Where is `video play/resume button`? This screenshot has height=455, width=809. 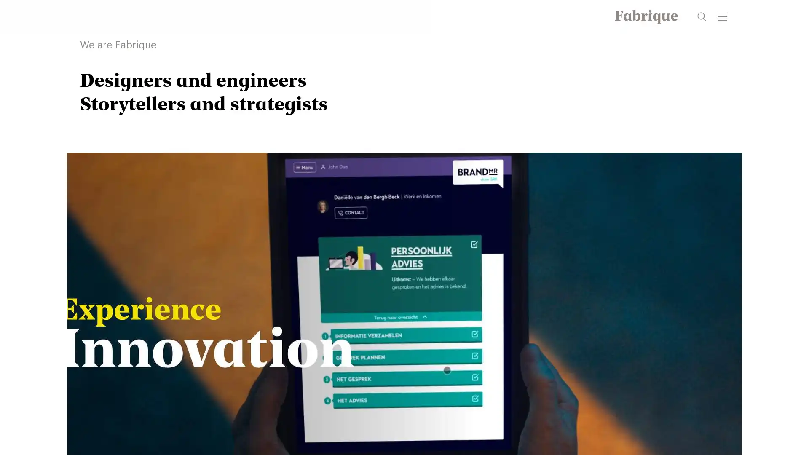 video play/resume button is located at coordinates (404, 331).